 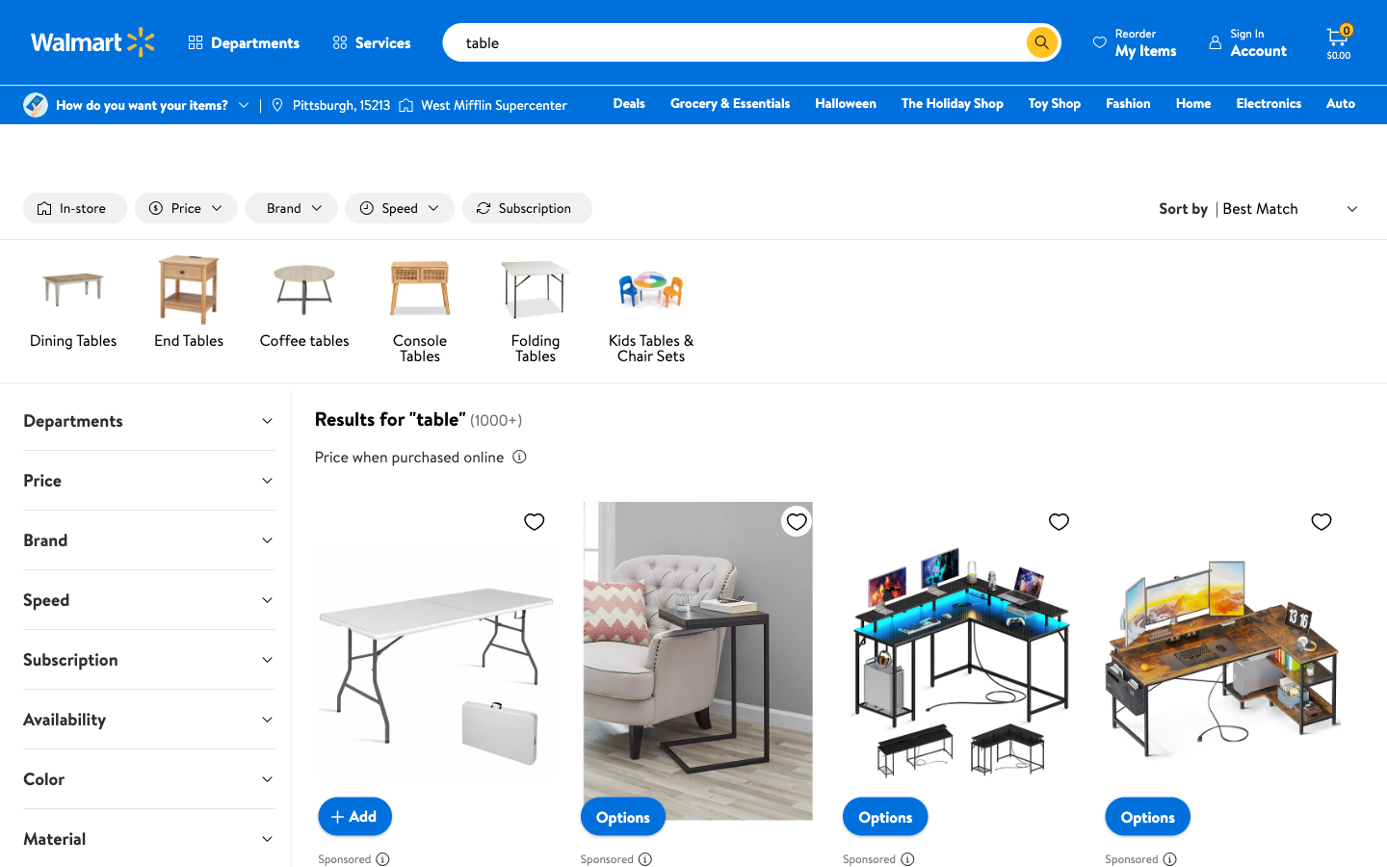 I want to click on In the "expand_Brand" dropdown, select the foremost brand, so click(x=147, y=539).